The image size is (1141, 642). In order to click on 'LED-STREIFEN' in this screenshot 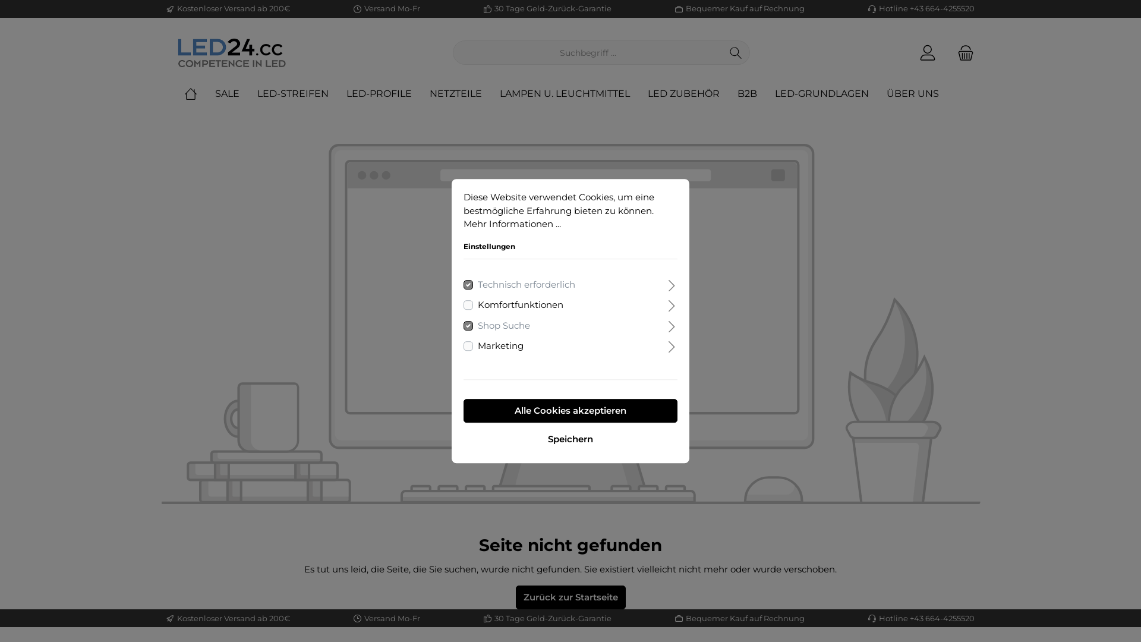, I will do `click(256, 93)`.